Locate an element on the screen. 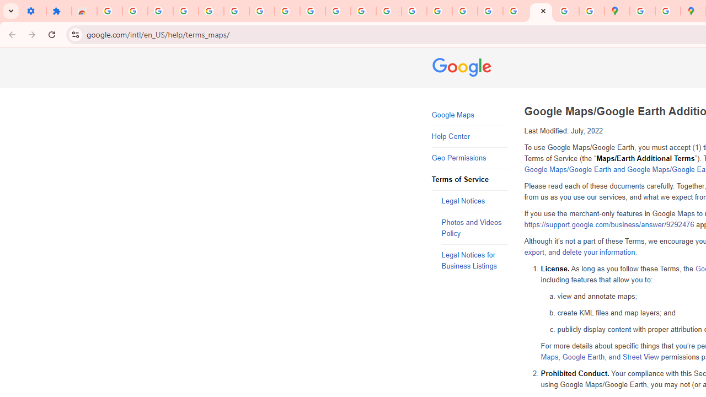  'Legal Notices' is located at coordinates (474, 201).